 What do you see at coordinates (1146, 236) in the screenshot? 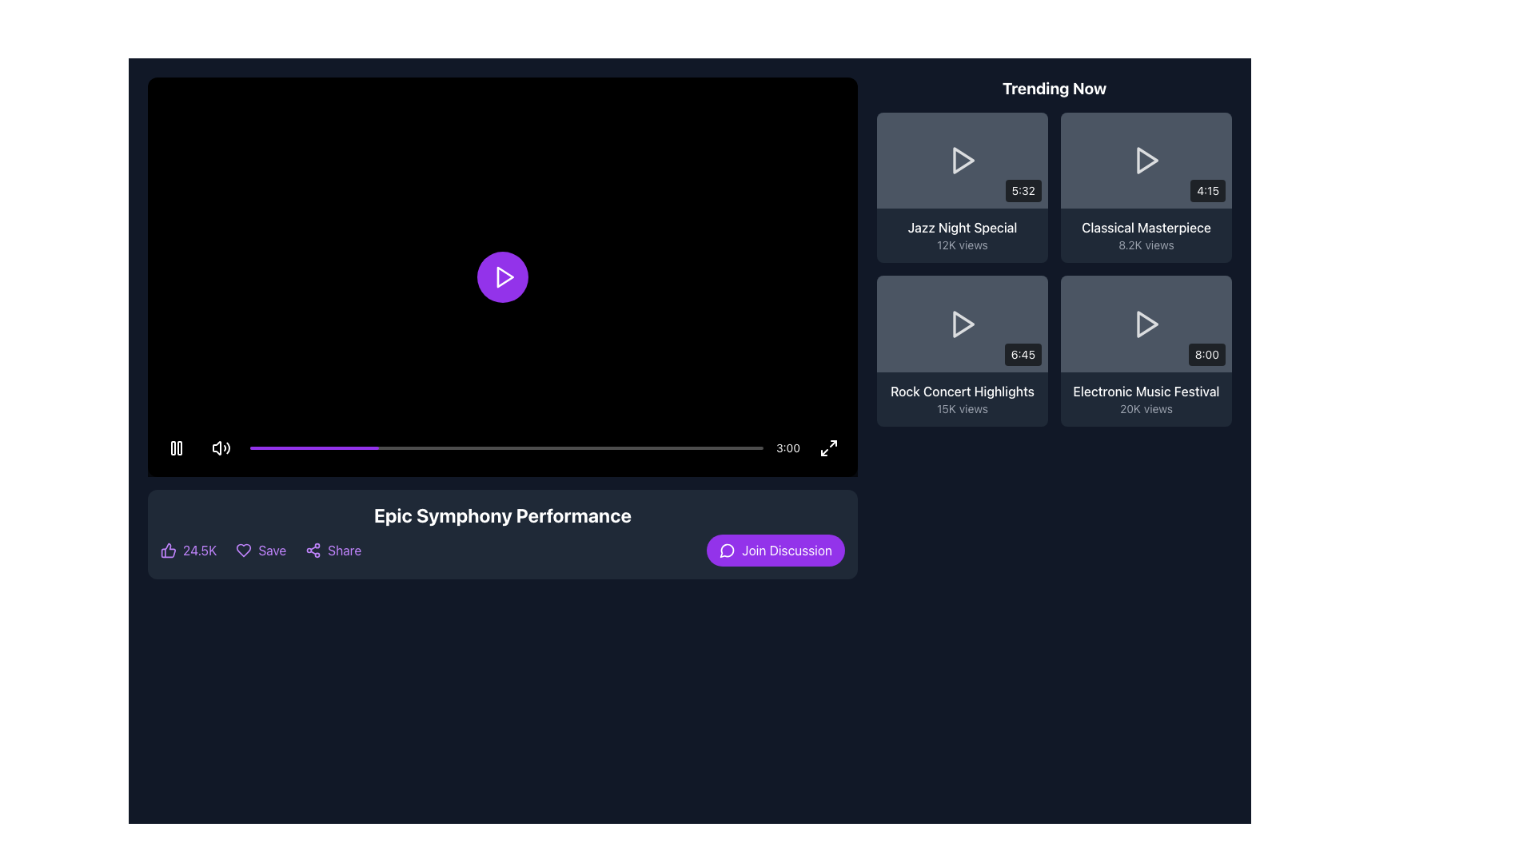
I see `the Text component that displays the title and view count of a video in the 'Trending Now' section, located in the second row and first column of a grid layout` at bounding box center [1146, 236].